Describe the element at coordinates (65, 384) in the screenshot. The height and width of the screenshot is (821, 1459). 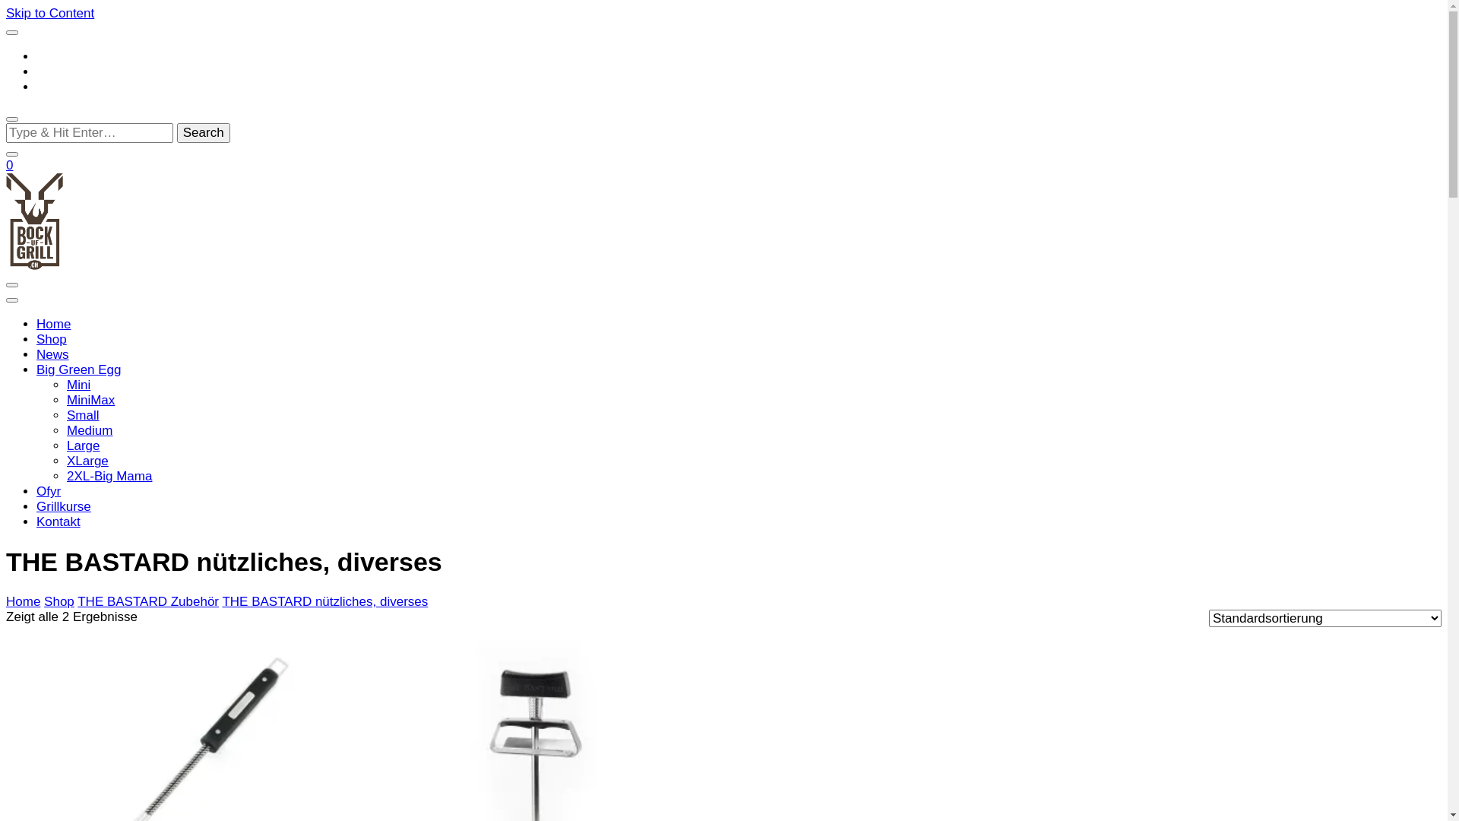
I see `'Mini'` at that location.